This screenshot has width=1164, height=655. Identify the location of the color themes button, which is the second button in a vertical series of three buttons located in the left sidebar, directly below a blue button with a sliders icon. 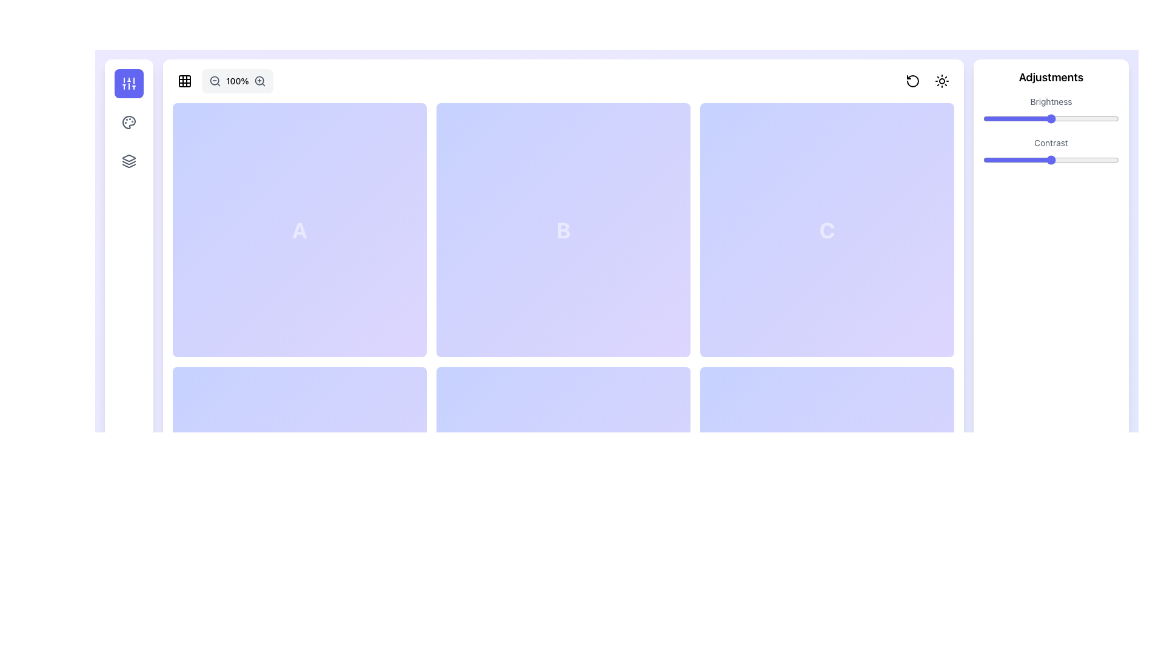
(129, 122).